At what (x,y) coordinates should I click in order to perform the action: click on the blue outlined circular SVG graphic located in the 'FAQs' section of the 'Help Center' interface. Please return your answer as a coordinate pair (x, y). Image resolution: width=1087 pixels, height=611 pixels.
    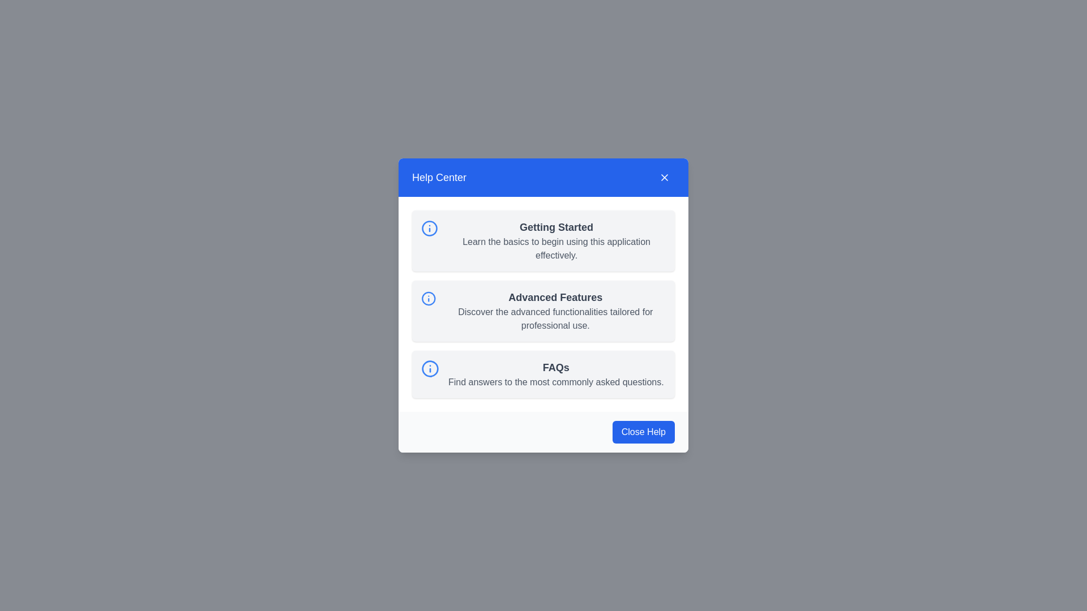
    Looking at the image, I should click on (429, 368).